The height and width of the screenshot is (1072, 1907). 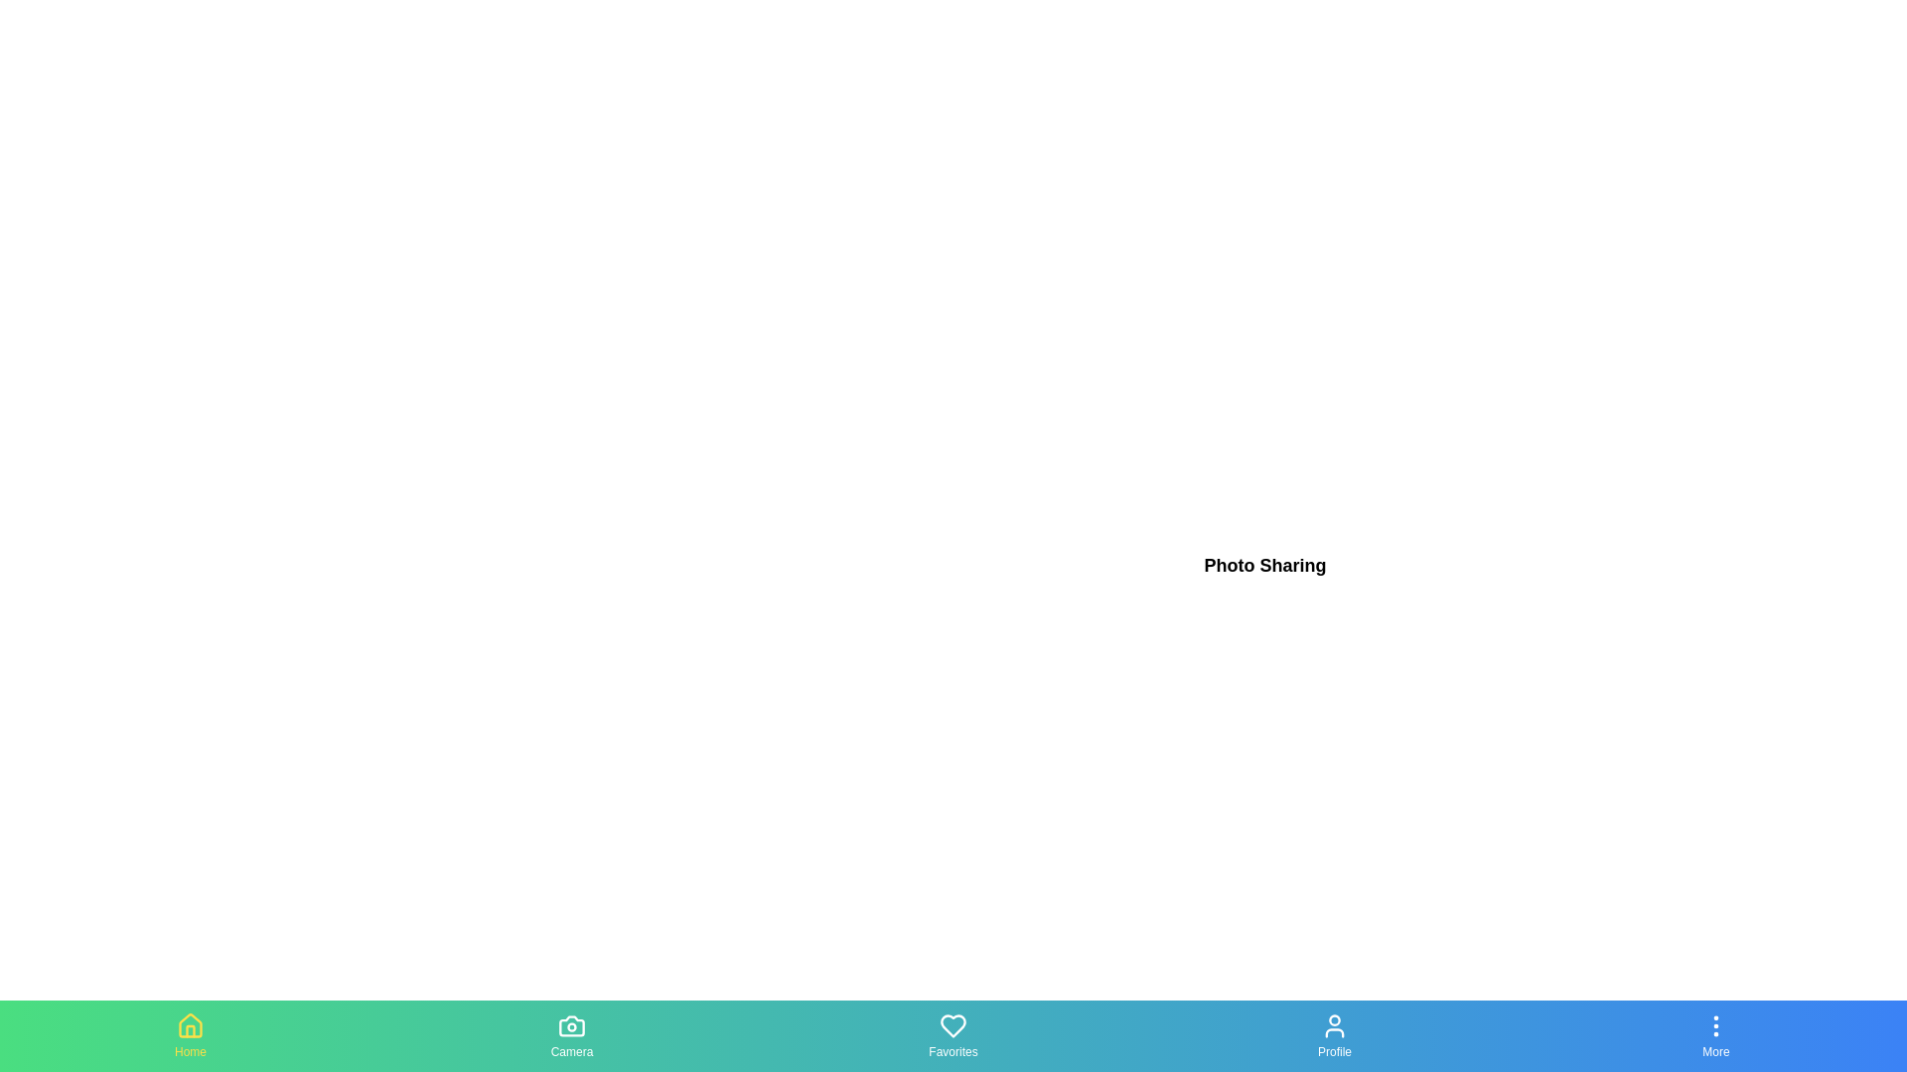 What do you see at coordinates (1335, 1035) in the screenshot?
I see `the Profile navigation icon` at bounding box center [1335, 1035].